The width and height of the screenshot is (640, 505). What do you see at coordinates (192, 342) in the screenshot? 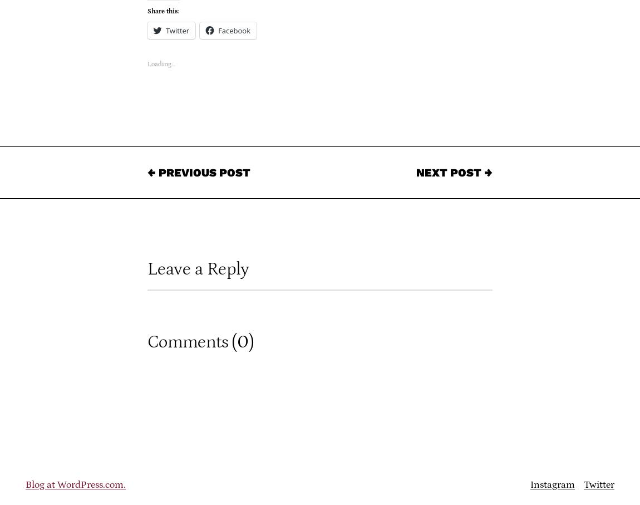
I see `'Comments ('` at bounding box center [192, 342].